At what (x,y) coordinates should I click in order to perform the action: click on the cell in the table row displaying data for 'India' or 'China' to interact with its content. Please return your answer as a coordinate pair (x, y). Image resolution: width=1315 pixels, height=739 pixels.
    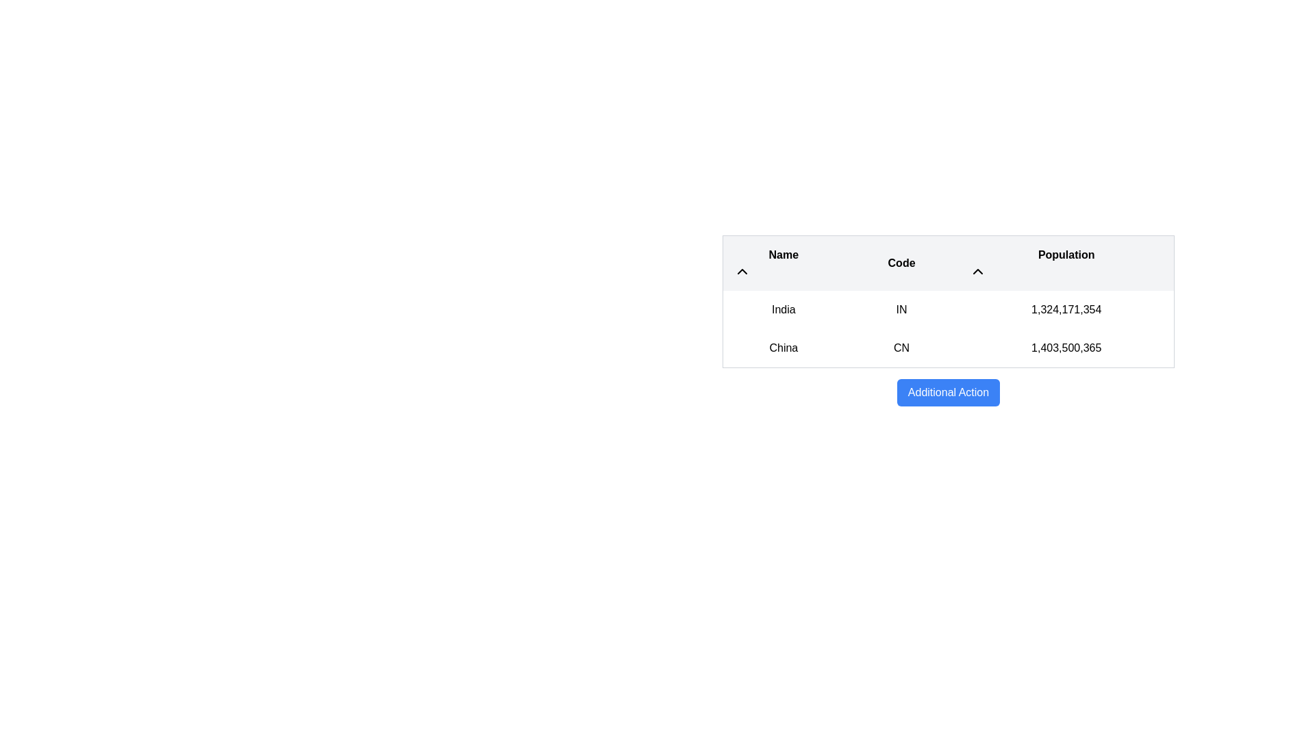
    Looking at the image, I should click on (948, 321).